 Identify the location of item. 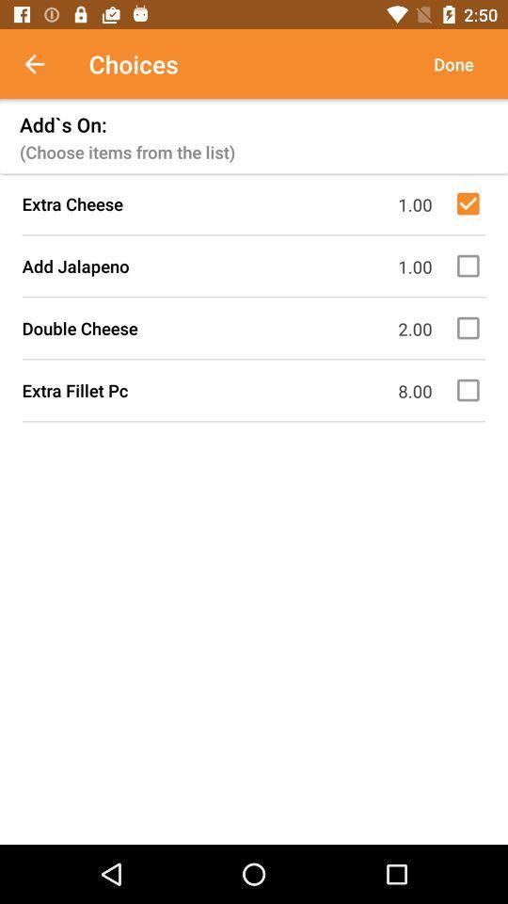
(470, 389).